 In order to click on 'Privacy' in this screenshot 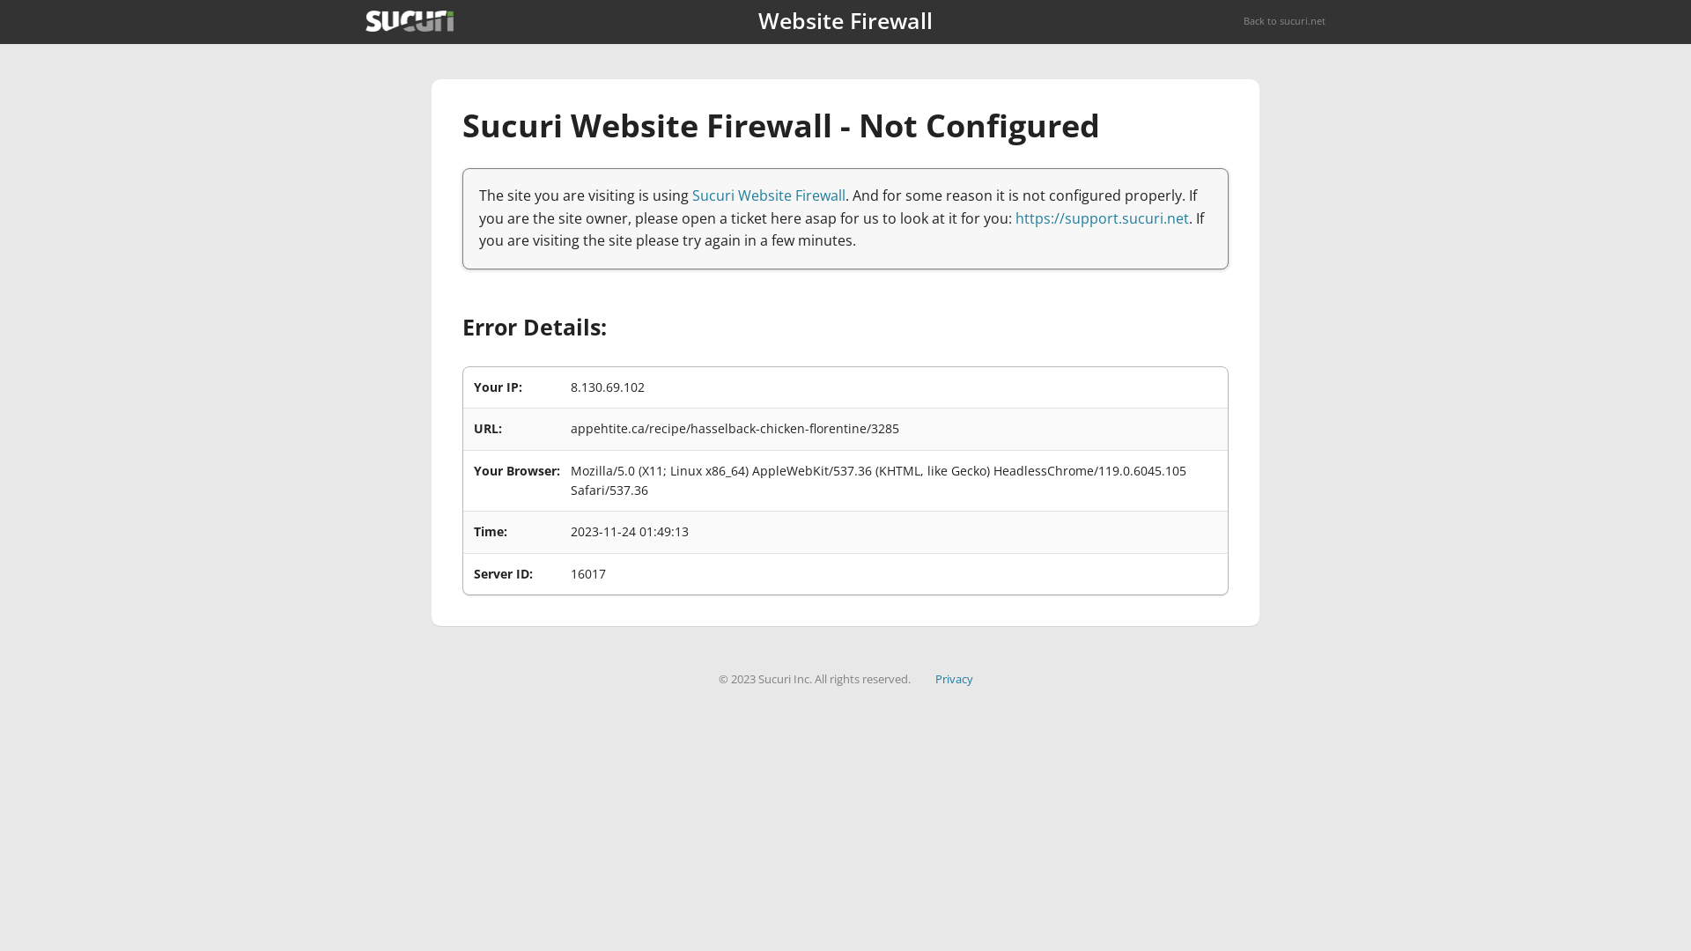, I will do `click(953, 678)`.